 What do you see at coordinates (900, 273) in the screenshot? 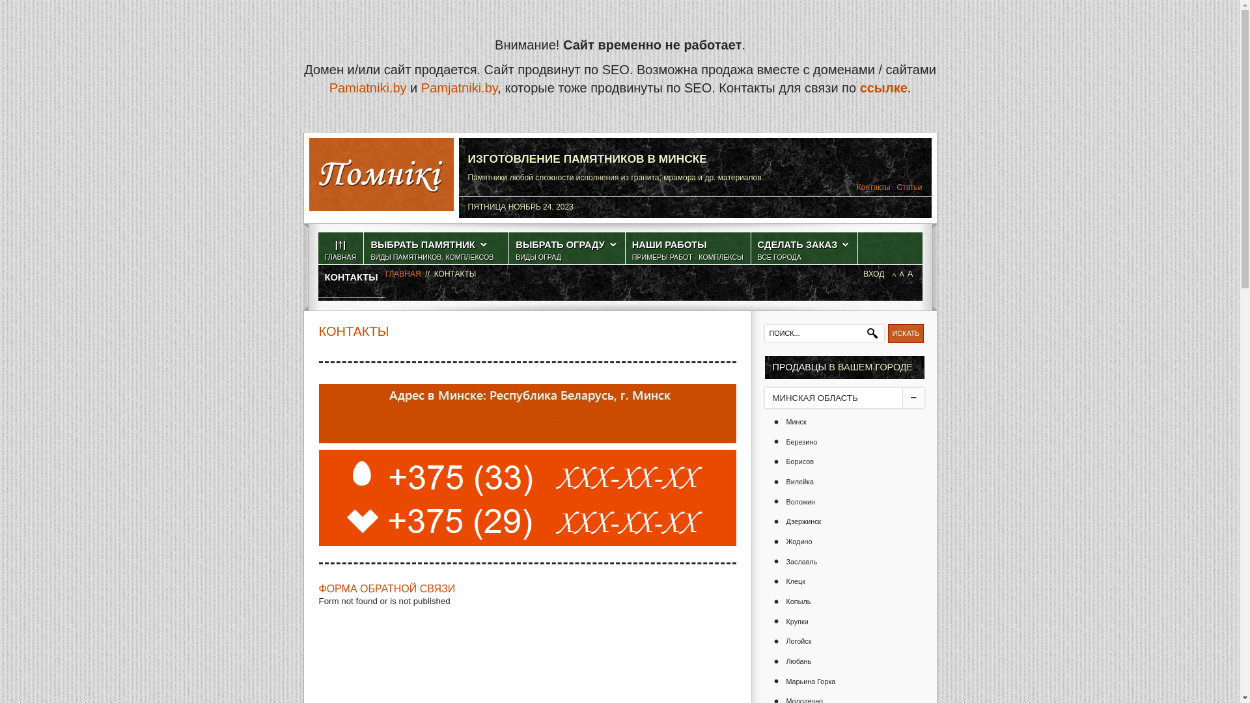
I see `'A'` at bounding box center [900, 273].